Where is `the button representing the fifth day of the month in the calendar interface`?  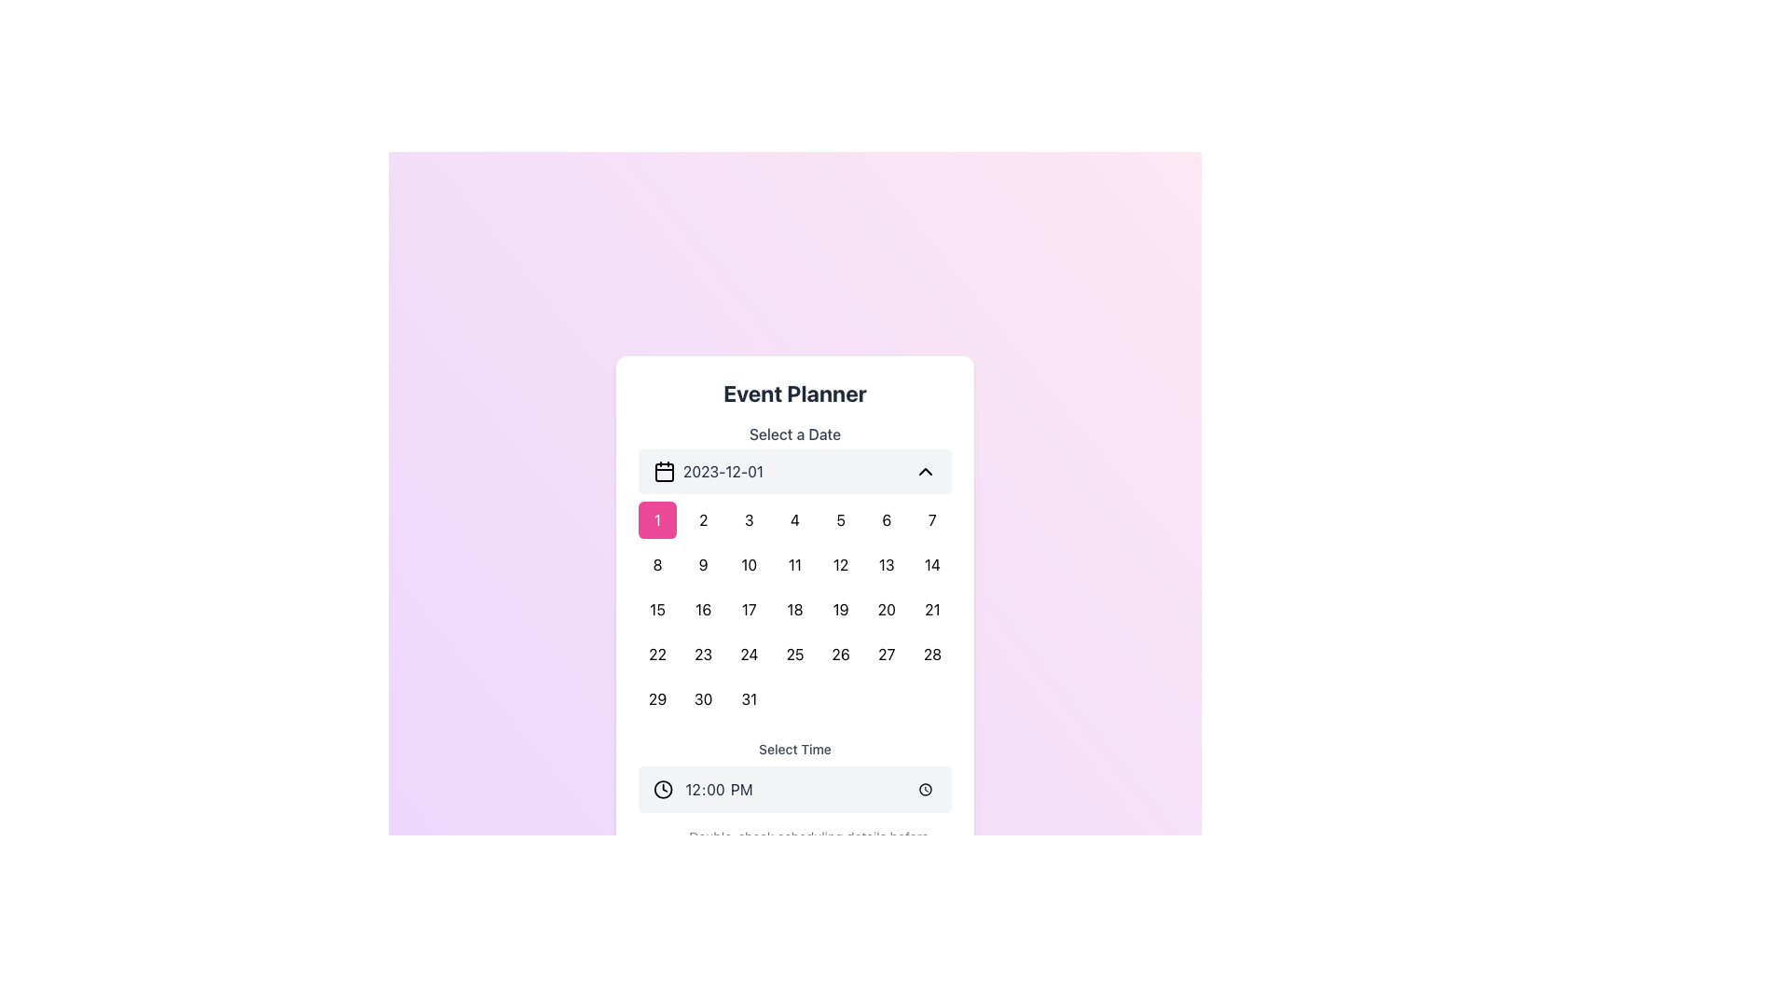
the button representing the fifth day of the month in the calendar interface is located at coordinates (840, 520).